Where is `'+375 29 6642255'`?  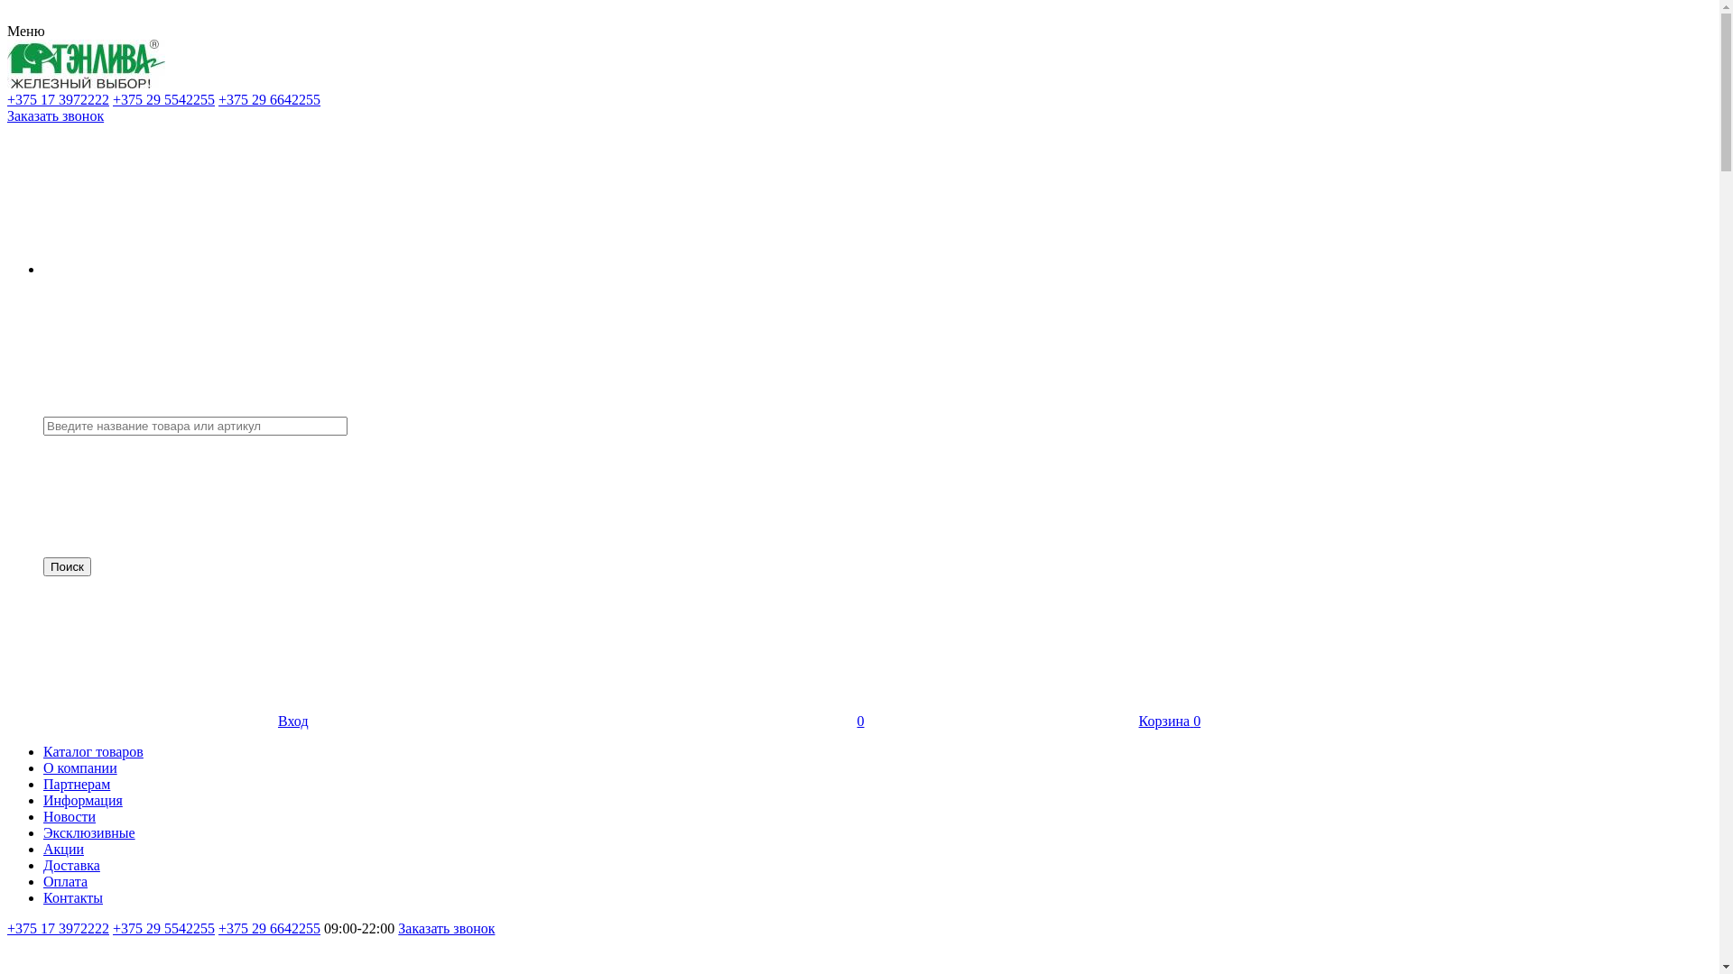
'+375 29 6642255' is located at coordinates (268, 99).